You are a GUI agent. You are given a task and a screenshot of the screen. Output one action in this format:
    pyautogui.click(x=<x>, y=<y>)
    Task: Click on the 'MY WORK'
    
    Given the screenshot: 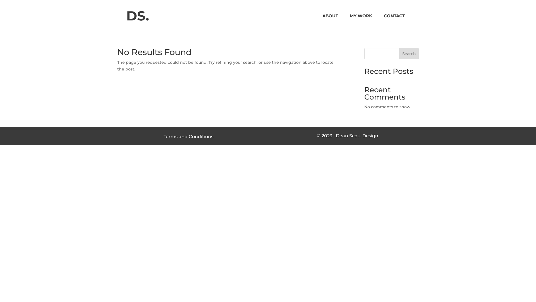 What is the action you would take?
    pyautogui.click(x=349, y=22)
    